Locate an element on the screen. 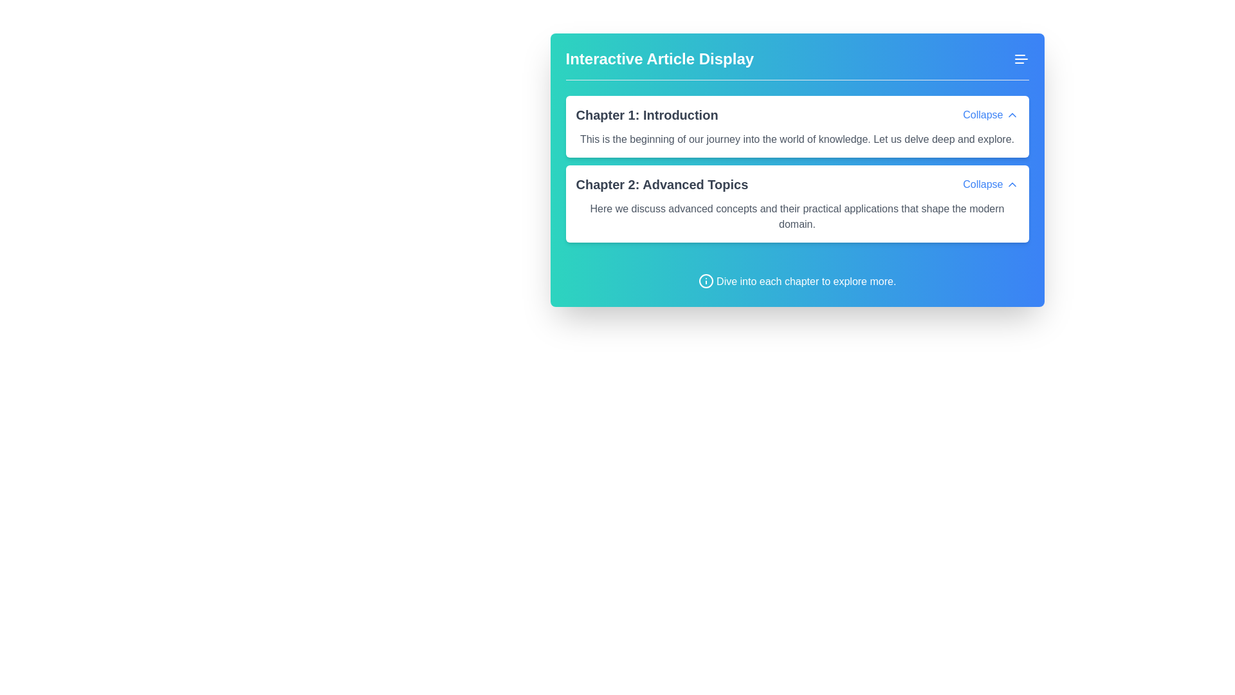 The image size is (1235, 695). the 'Collapse' button with an upward-pointing arrow icon located at the upper-right corner of the 'Chapter 1: Introduction' bar is located at coordinates (990, 114).